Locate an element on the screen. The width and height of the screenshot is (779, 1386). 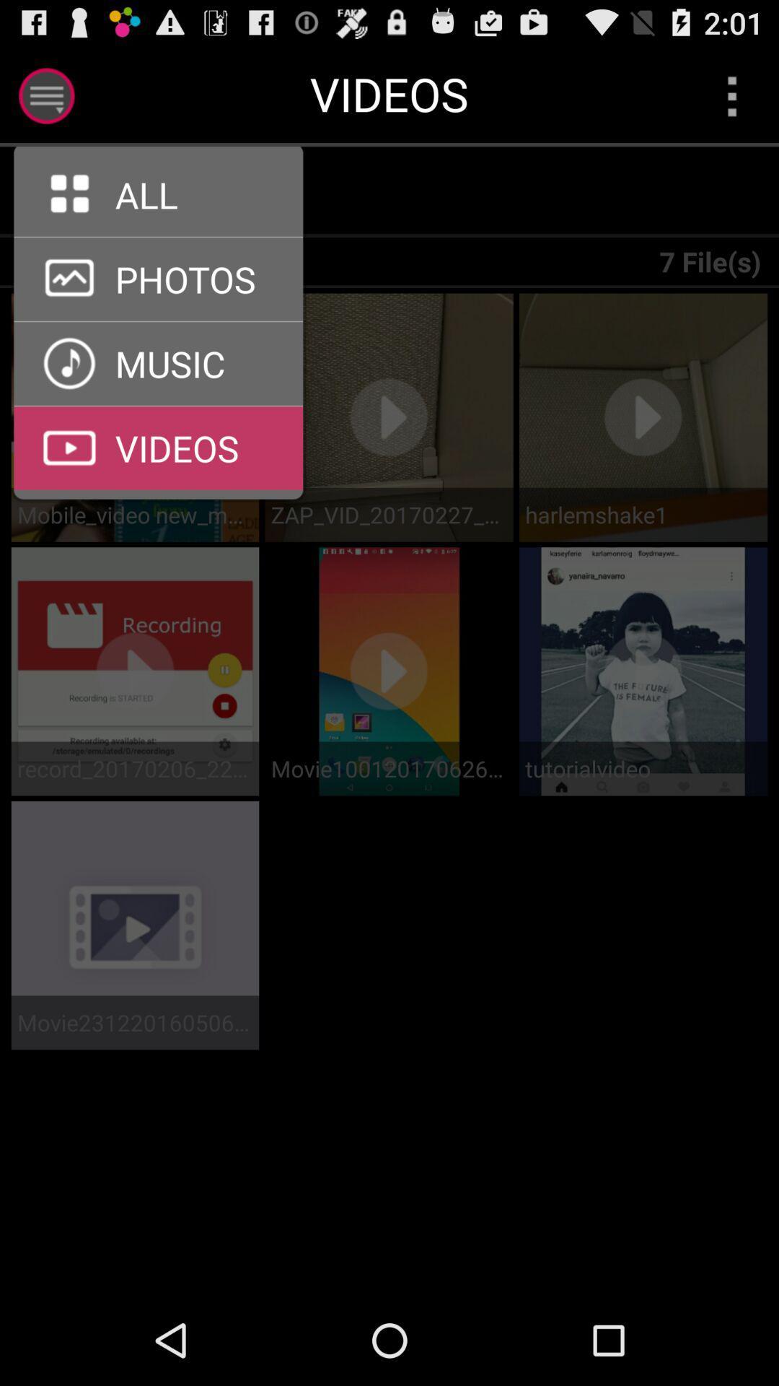
movie23122016050602 icon is located at coordinates (135, 1021).